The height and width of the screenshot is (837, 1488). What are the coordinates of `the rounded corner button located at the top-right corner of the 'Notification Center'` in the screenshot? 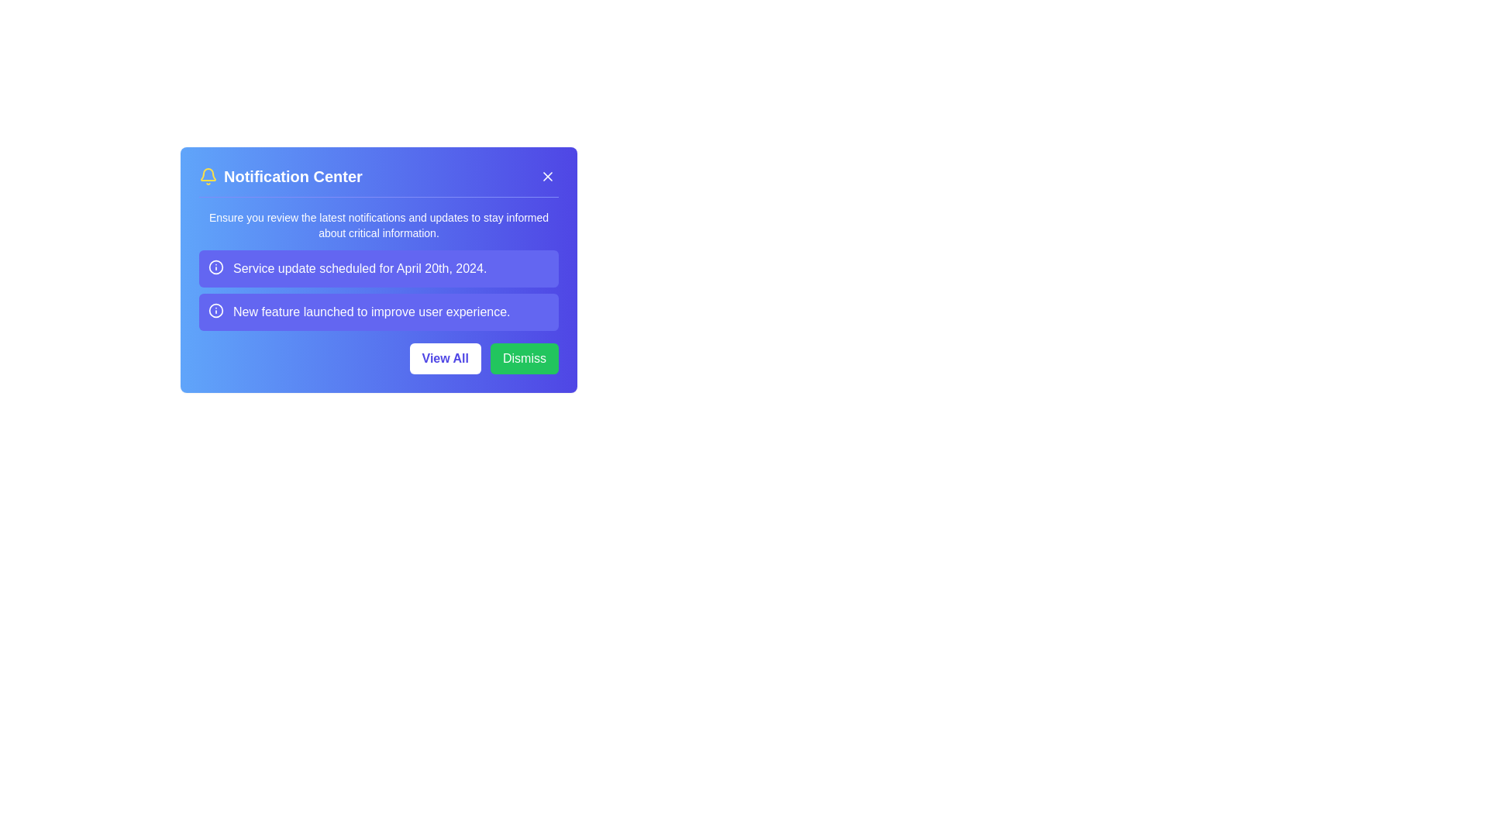 It's located at (547, 175).